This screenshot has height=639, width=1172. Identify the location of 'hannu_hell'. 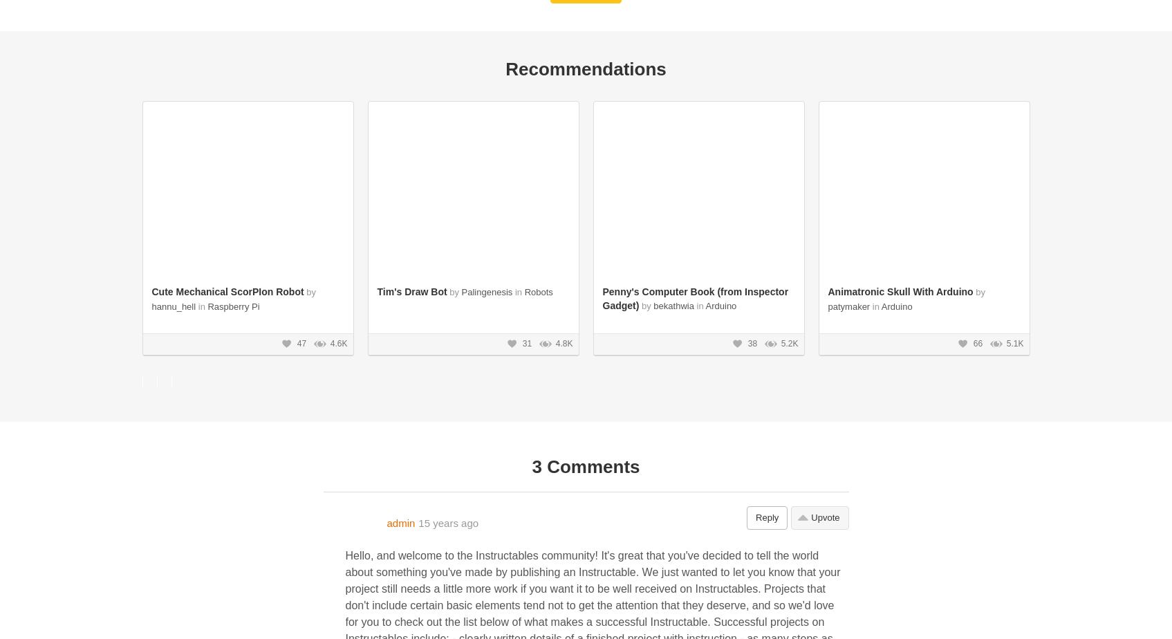
(173, 306).